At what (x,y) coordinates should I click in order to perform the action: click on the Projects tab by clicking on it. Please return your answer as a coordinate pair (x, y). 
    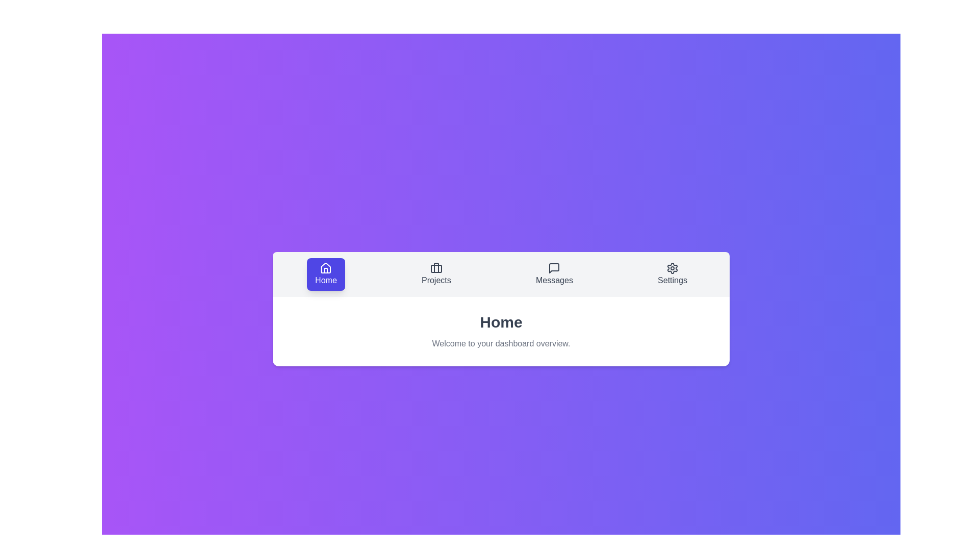
    Looking at the image, I should click on (436, 273).